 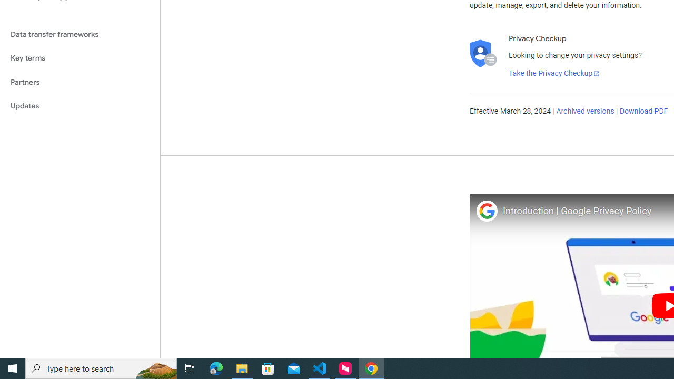 What do you see at coordinates (554, 73) in the screenshot?
I see `'Take the Privacy Checkup'` at bounding box center [554, 73].